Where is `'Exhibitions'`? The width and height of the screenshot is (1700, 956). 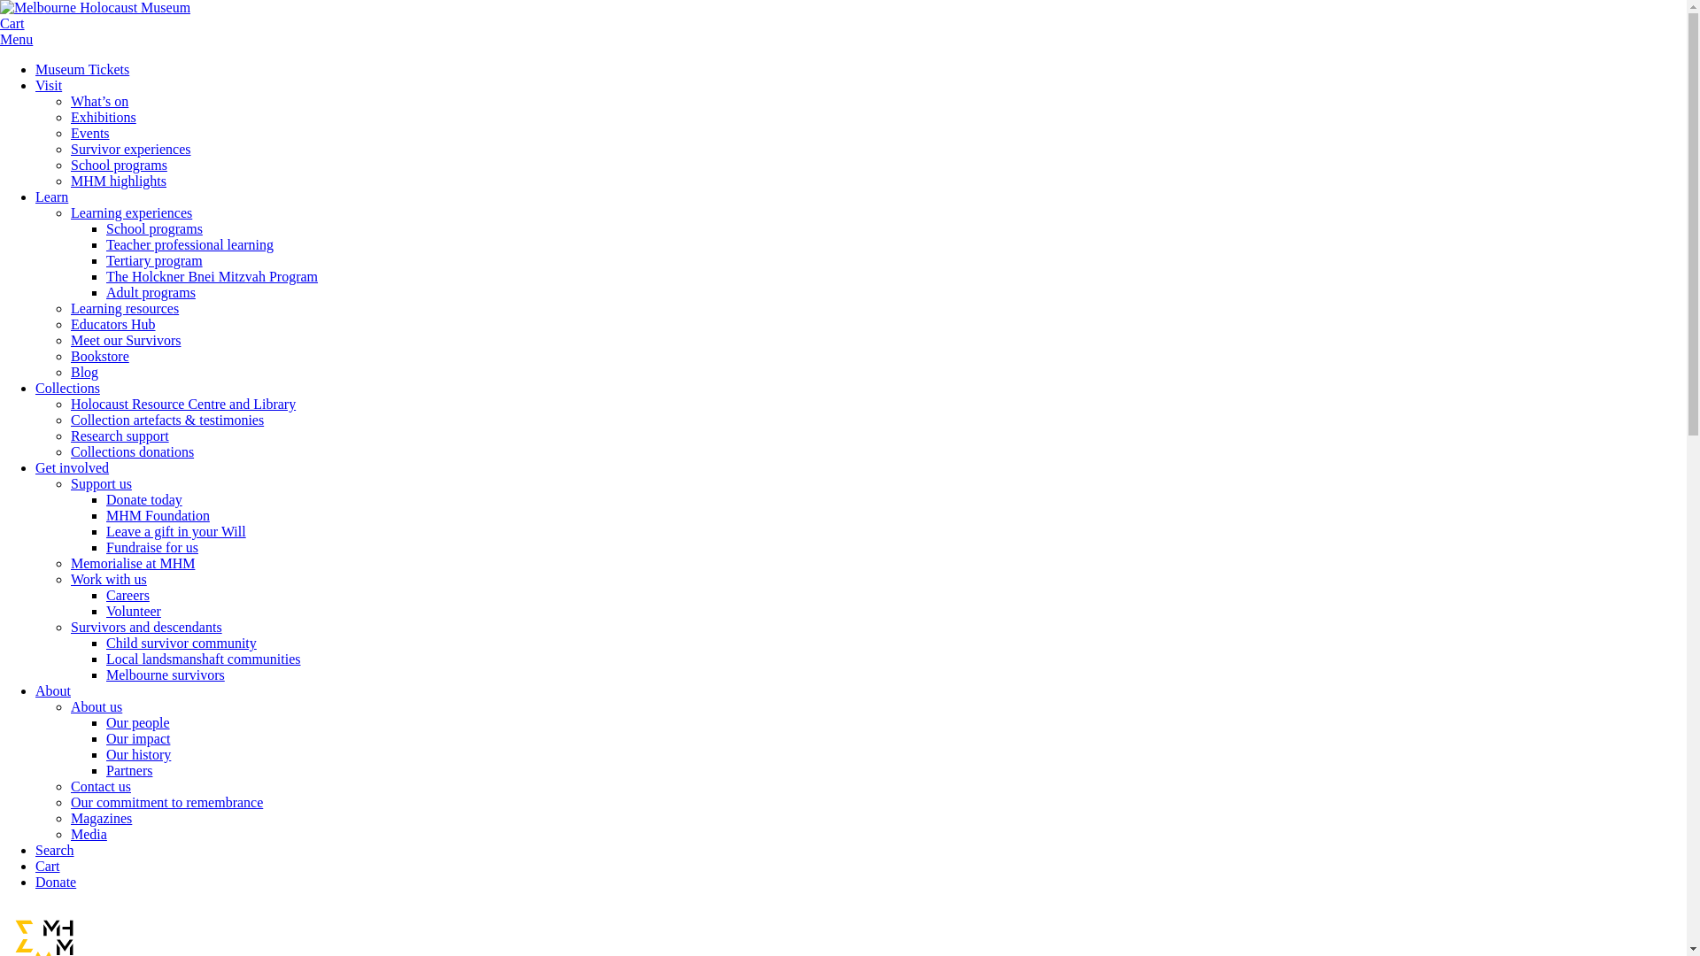
'Exhibitions' is located at coordinates (102, 117).